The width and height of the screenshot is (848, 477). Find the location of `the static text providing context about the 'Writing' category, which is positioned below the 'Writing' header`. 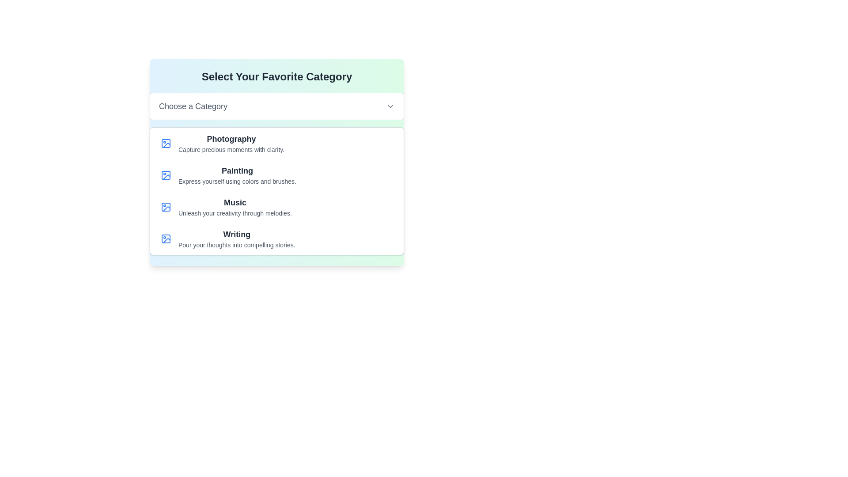

the static text providing context about the 'Writing' category, which is positioned below the 'Writing' header is located at coordinates (237, 245).